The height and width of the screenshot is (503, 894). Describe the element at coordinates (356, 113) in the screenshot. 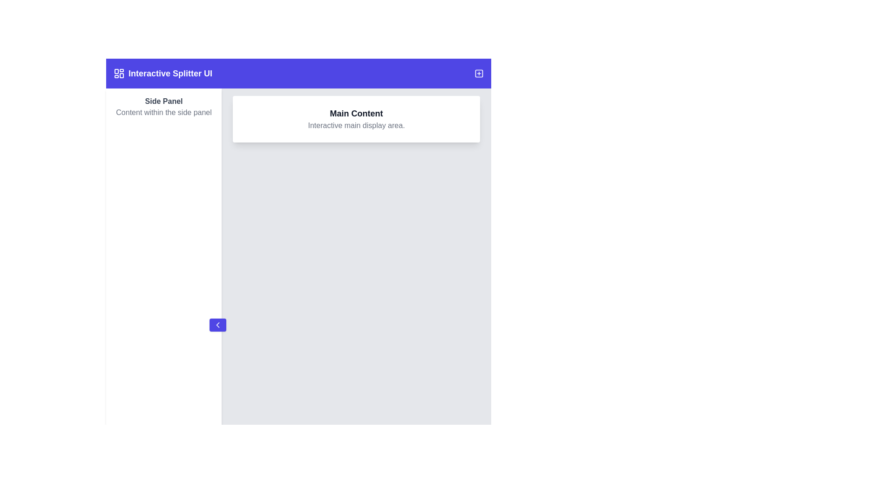

I see `title text displayed prominently in bold font above the description text on the white card` at that location.